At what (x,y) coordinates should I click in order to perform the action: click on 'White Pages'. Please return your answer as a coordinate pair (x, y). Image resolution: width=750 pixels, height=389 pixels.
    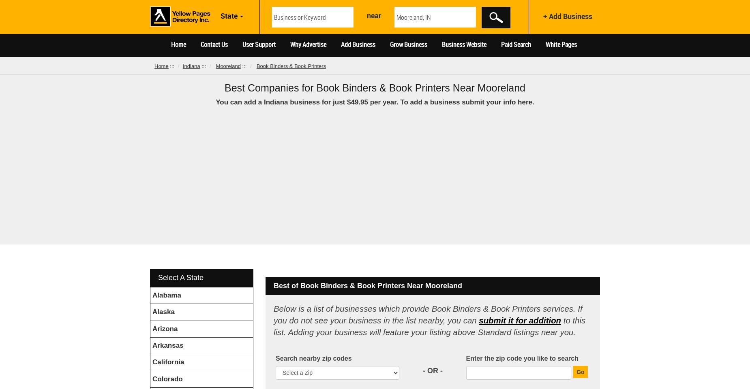
    Looking at the image, I should click on (560, 44).